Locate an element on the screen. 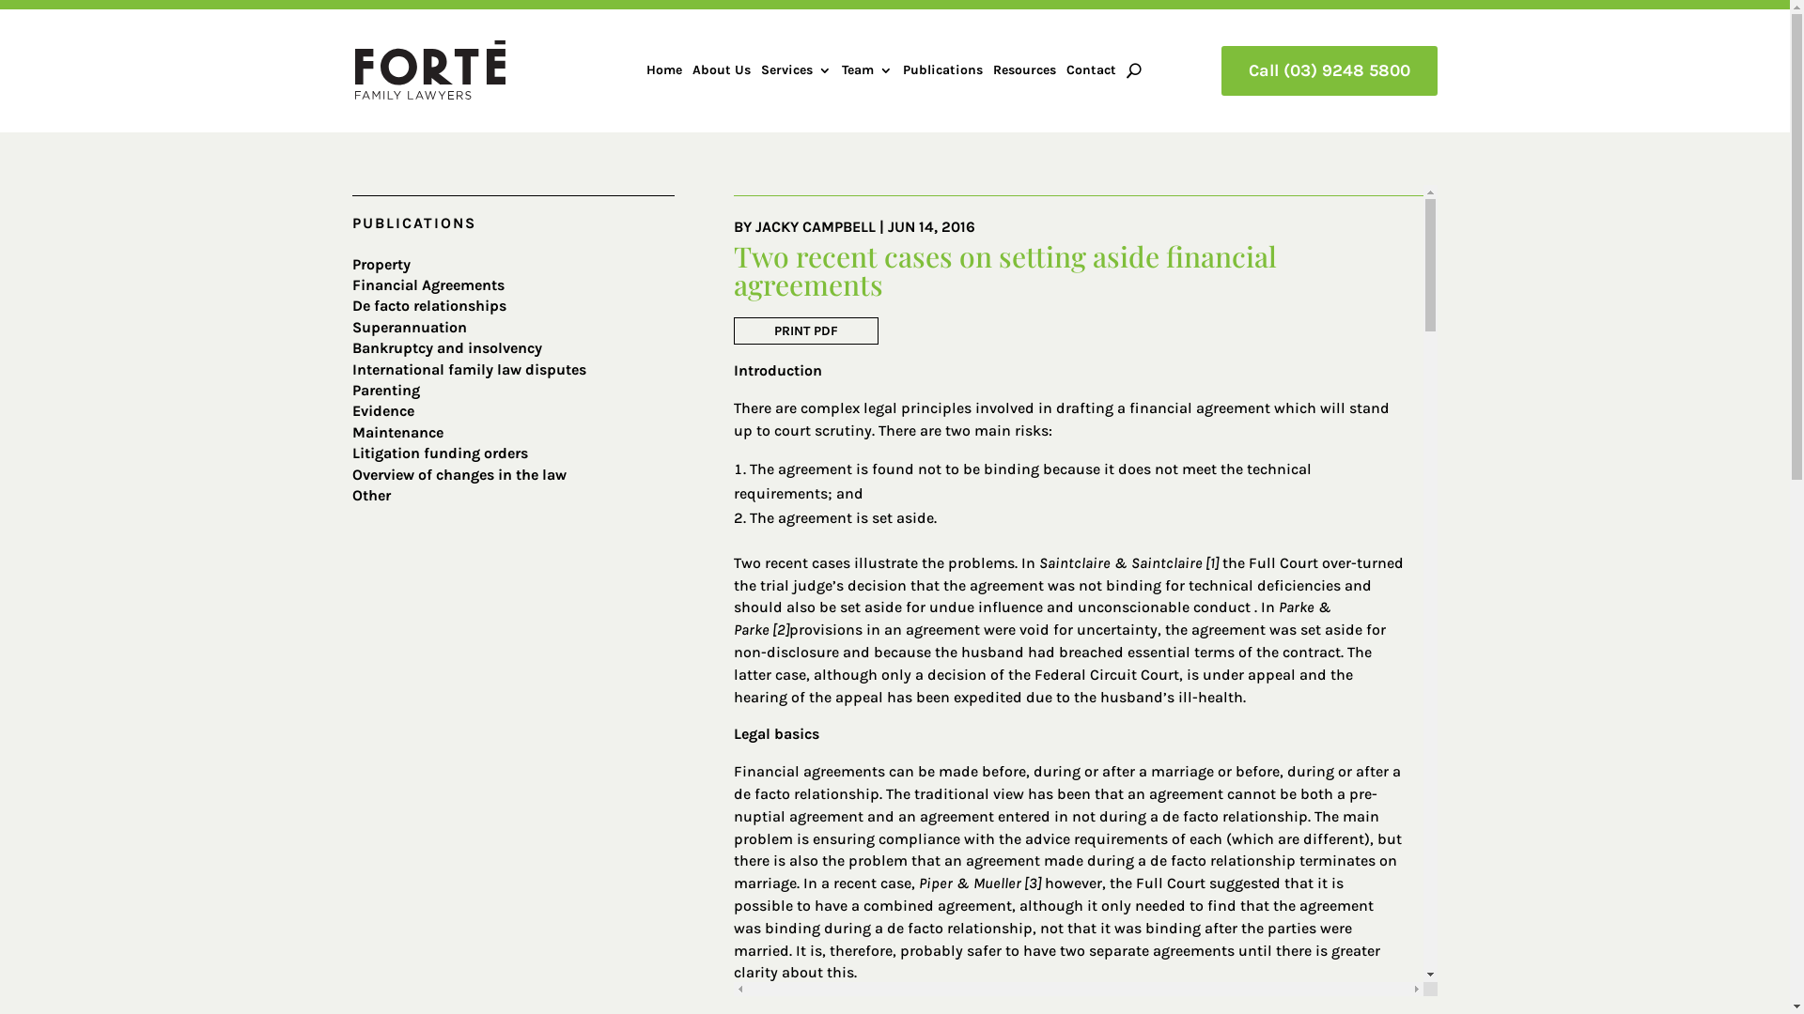 This screenshot has height=1014, width=1804. 'Superannuation' is located at coordinates (351, 326).